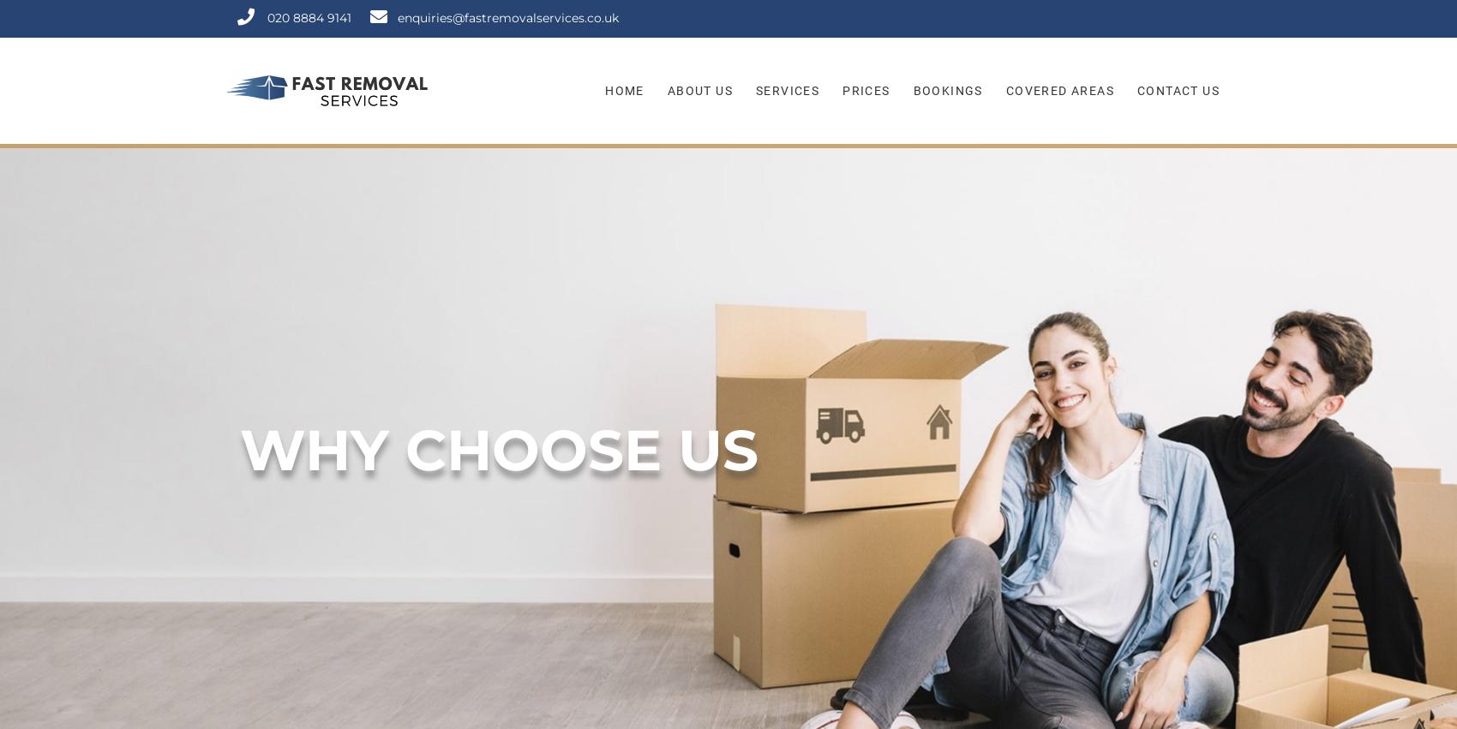 The height and width of the screenshot is (729, 1457). Describe the element at coordinates (699, 90) in the screenshot. I see `'About Us'` at that location.